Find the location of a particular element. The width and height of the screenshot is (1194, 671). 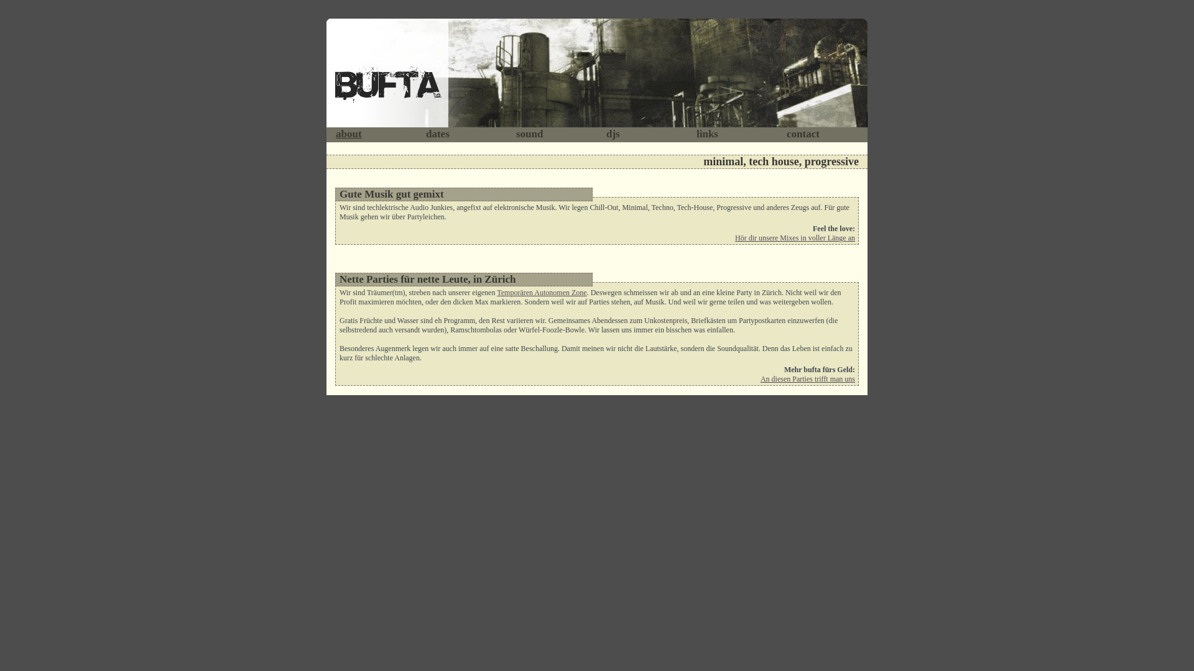

'about' is located at coordinates (348, 134).